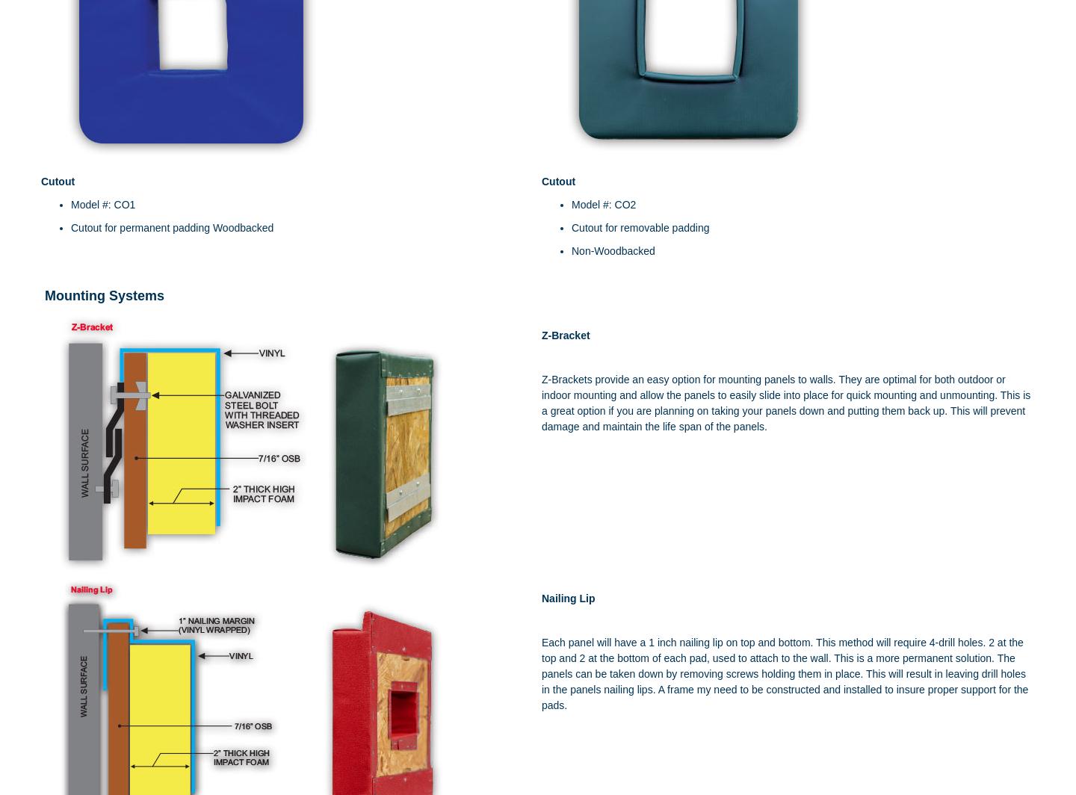 This screenshot has width=1076, height=795. What do you see at coordinates (785, 673) in the screenshot?
I see `'Each panel will have a 1 inch nailing lip on top and bottom. This method will require 4-drill holes. 2 at the top and 2 at the bottom of each pad, used to attach to the wall. This is a more permanent solution. The panels can be taken down by removing screws holding them in place. This will result in leaving drill holes in the panels nailing lips. A frame my need to be constructed and installed to insure proper support for the pads.'` at bounding box center [785, 673].